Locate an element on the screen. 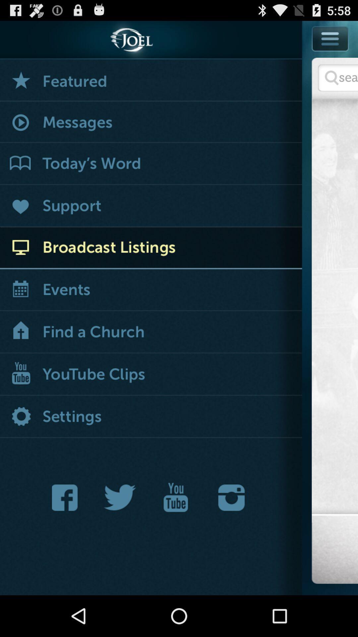 The width and height of the screenshot is (358, 637). open menu is located at coordinates (151, 332).